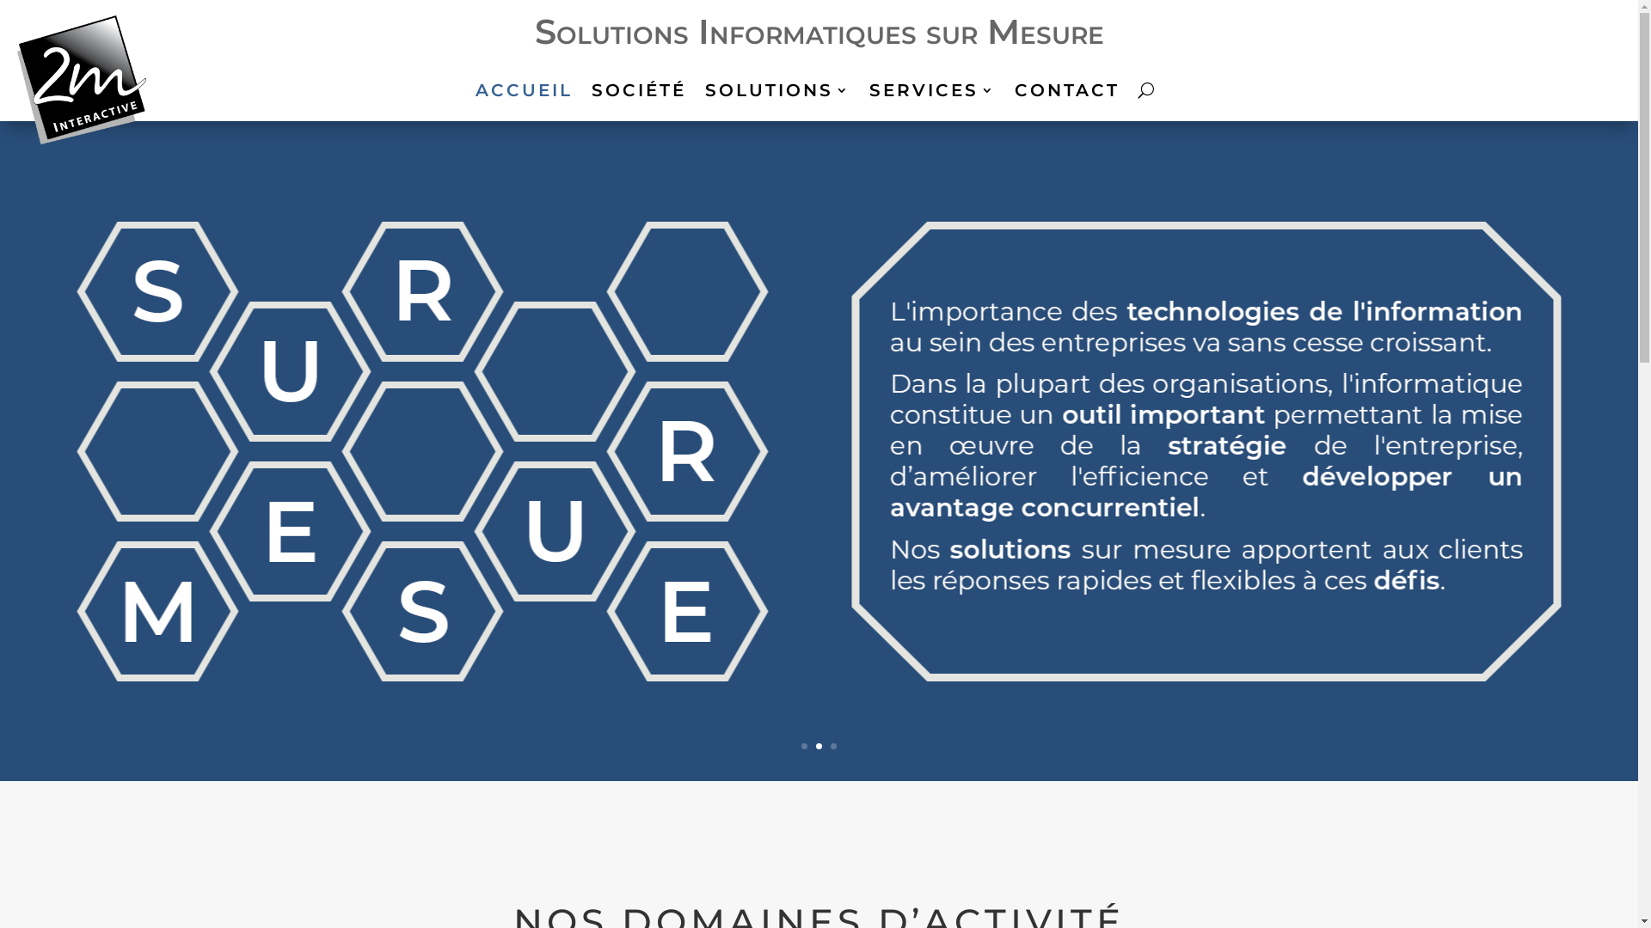 The width and height of the screenshot is (1651, 928). Describe the element at coordinates (833, 745) in the screenshot. I see `'3'` at that location.